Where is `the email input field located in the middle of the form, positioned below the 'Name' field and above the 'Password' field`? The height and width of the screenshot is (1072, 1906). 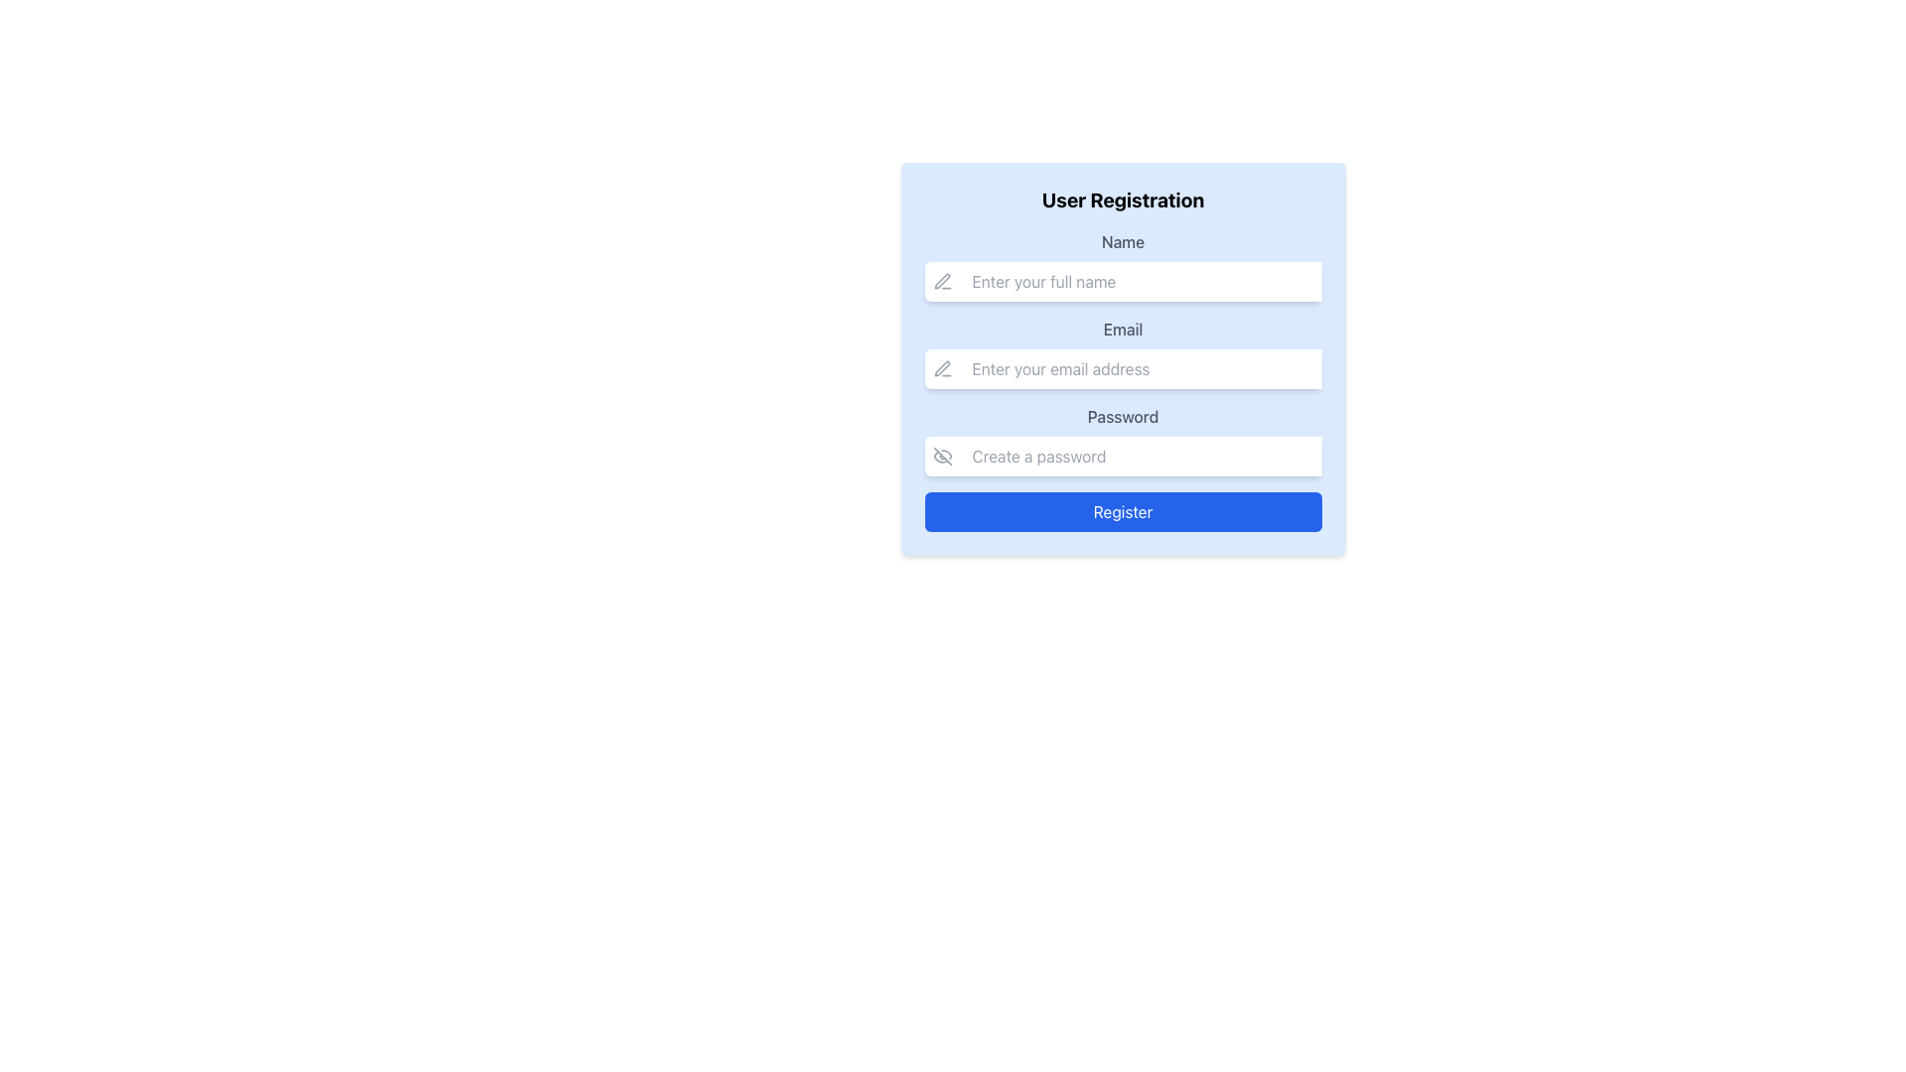 the email input field located in the middle of the form, positioned below the 'Name' field and above the 'Password' field is located at coordinates (1141, 368).